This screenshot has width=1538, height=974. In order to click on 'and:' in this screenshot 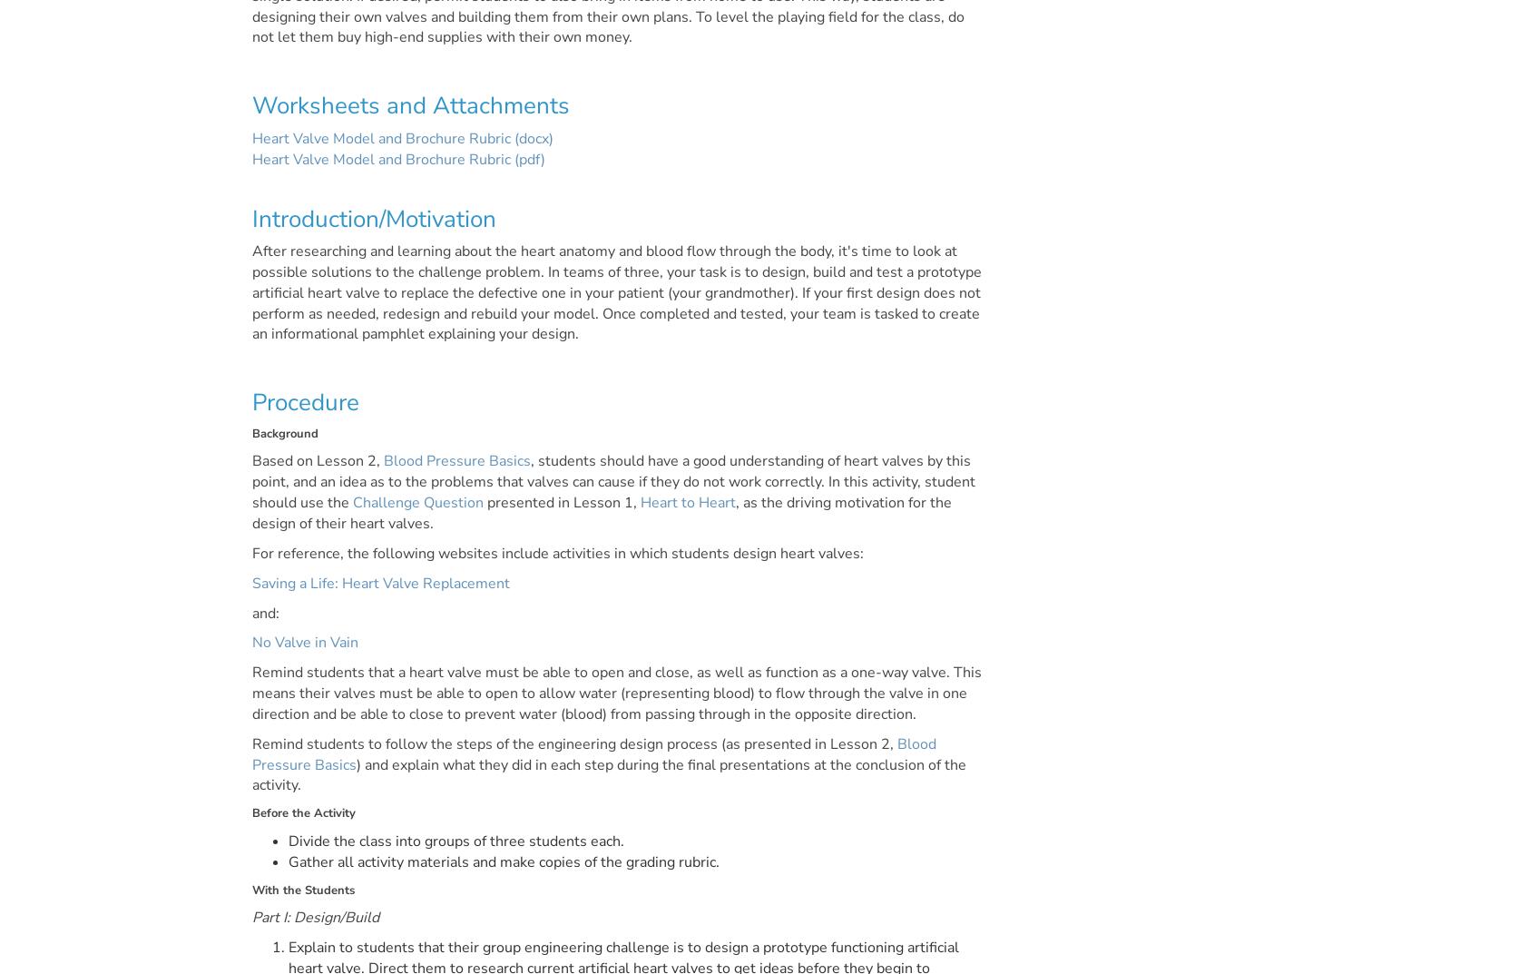, I will do `click(265, 613)`.